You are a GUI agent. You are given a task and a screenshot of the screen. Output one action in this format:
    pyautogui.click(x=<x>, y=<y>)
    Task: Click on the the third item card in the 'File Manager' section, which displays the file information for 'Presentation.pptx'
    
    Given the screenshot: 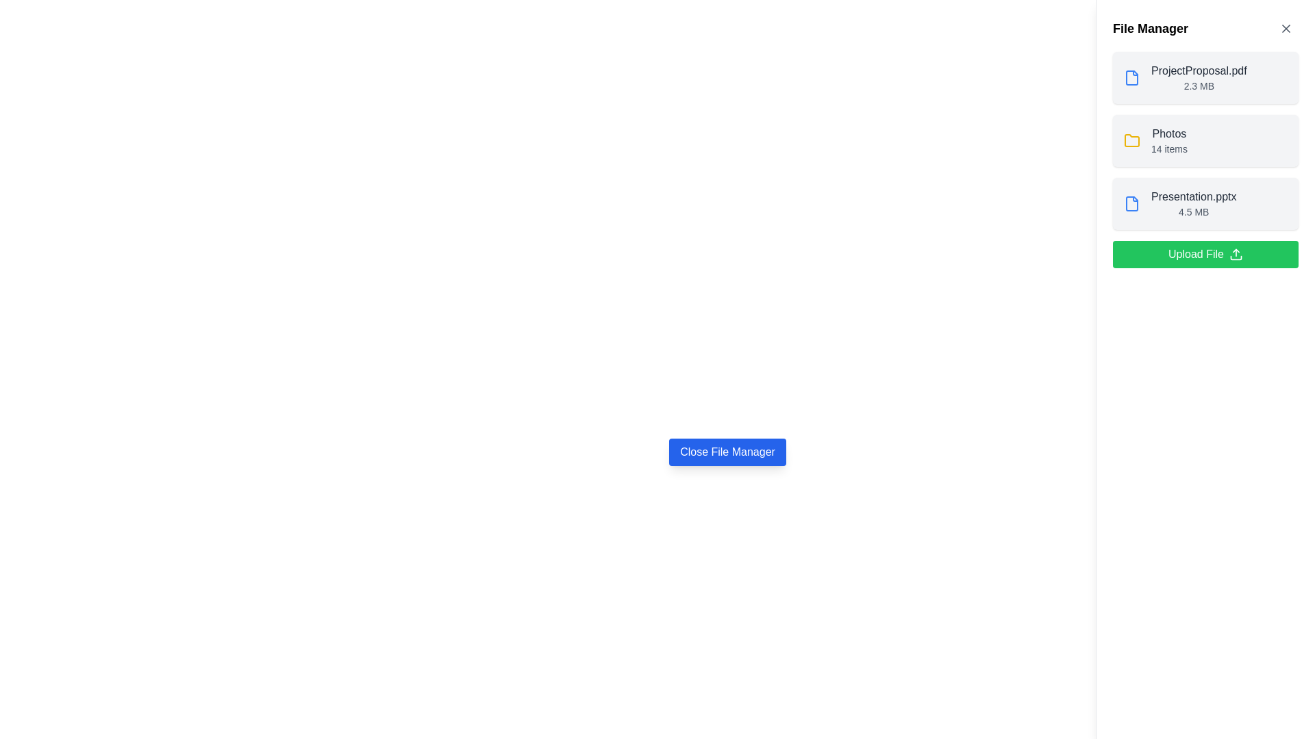 What is the action you would take?
    pyautogui.click(x=1205, y=203)
    